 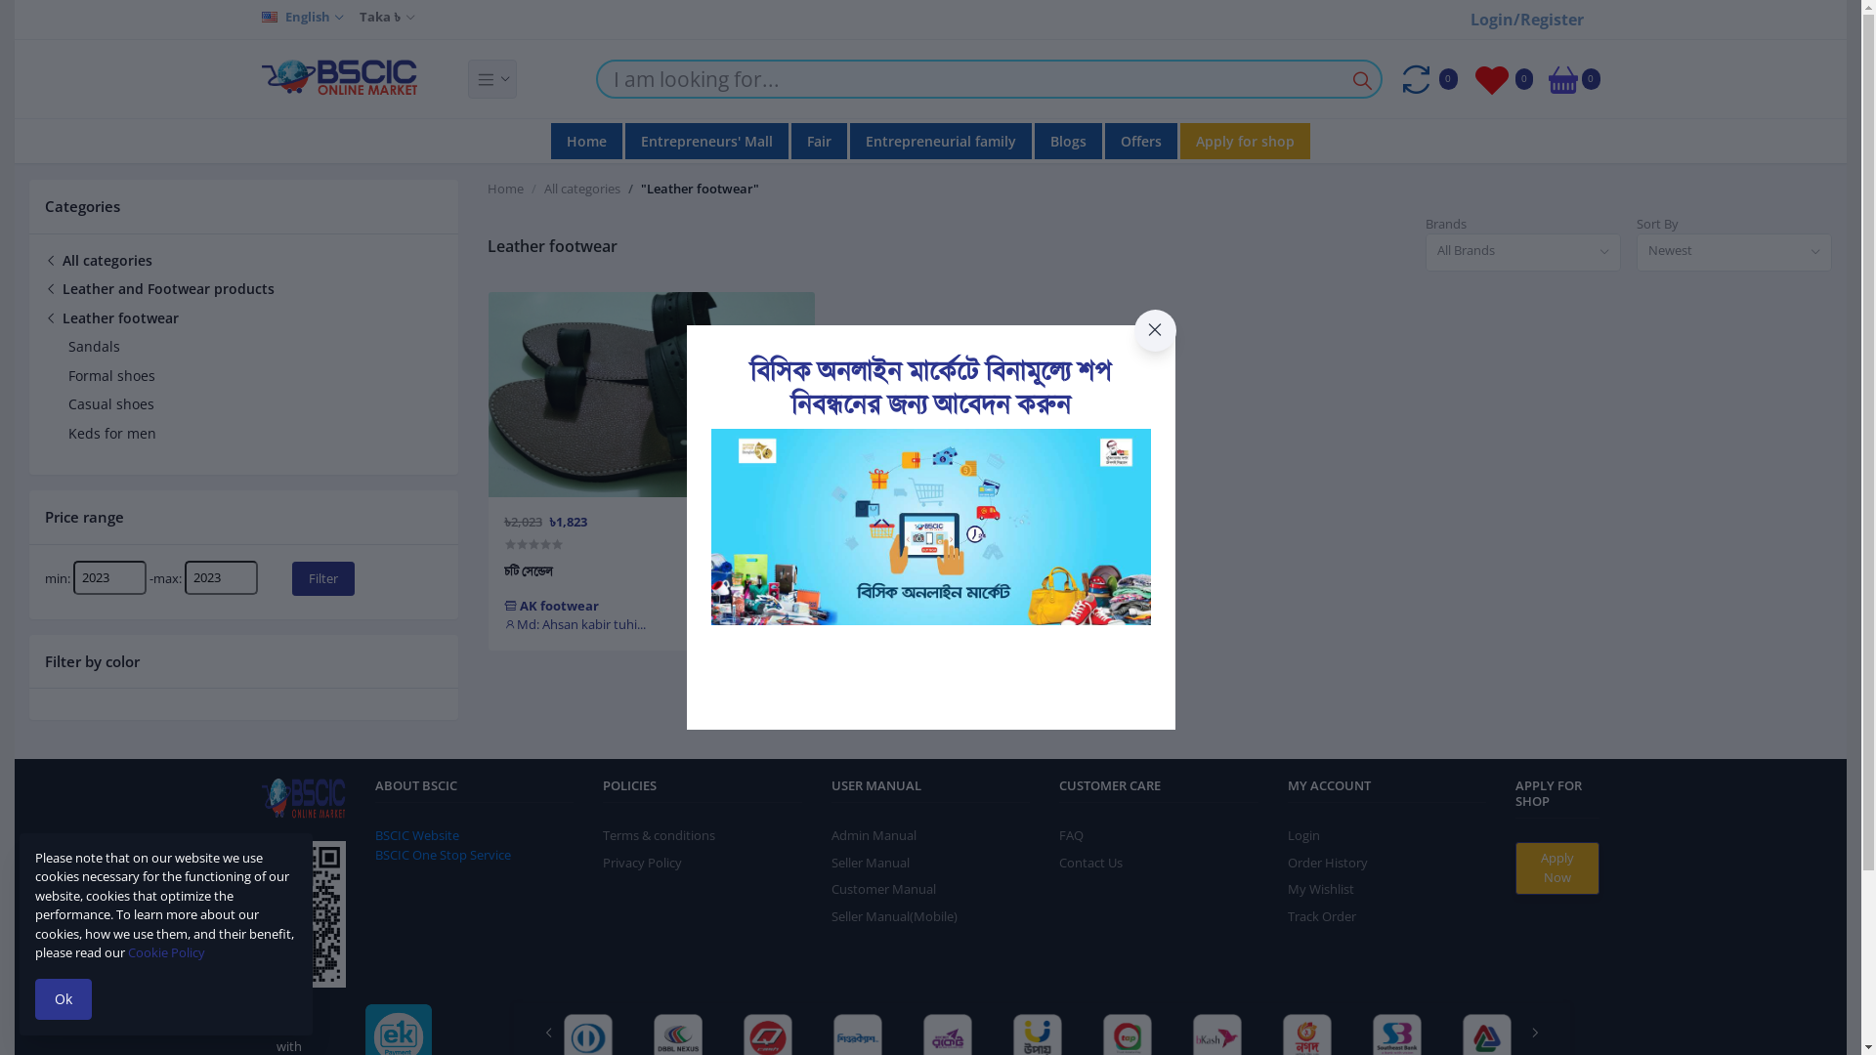 I want to click on 'Apply for shop', so click(x=1244, y=140).